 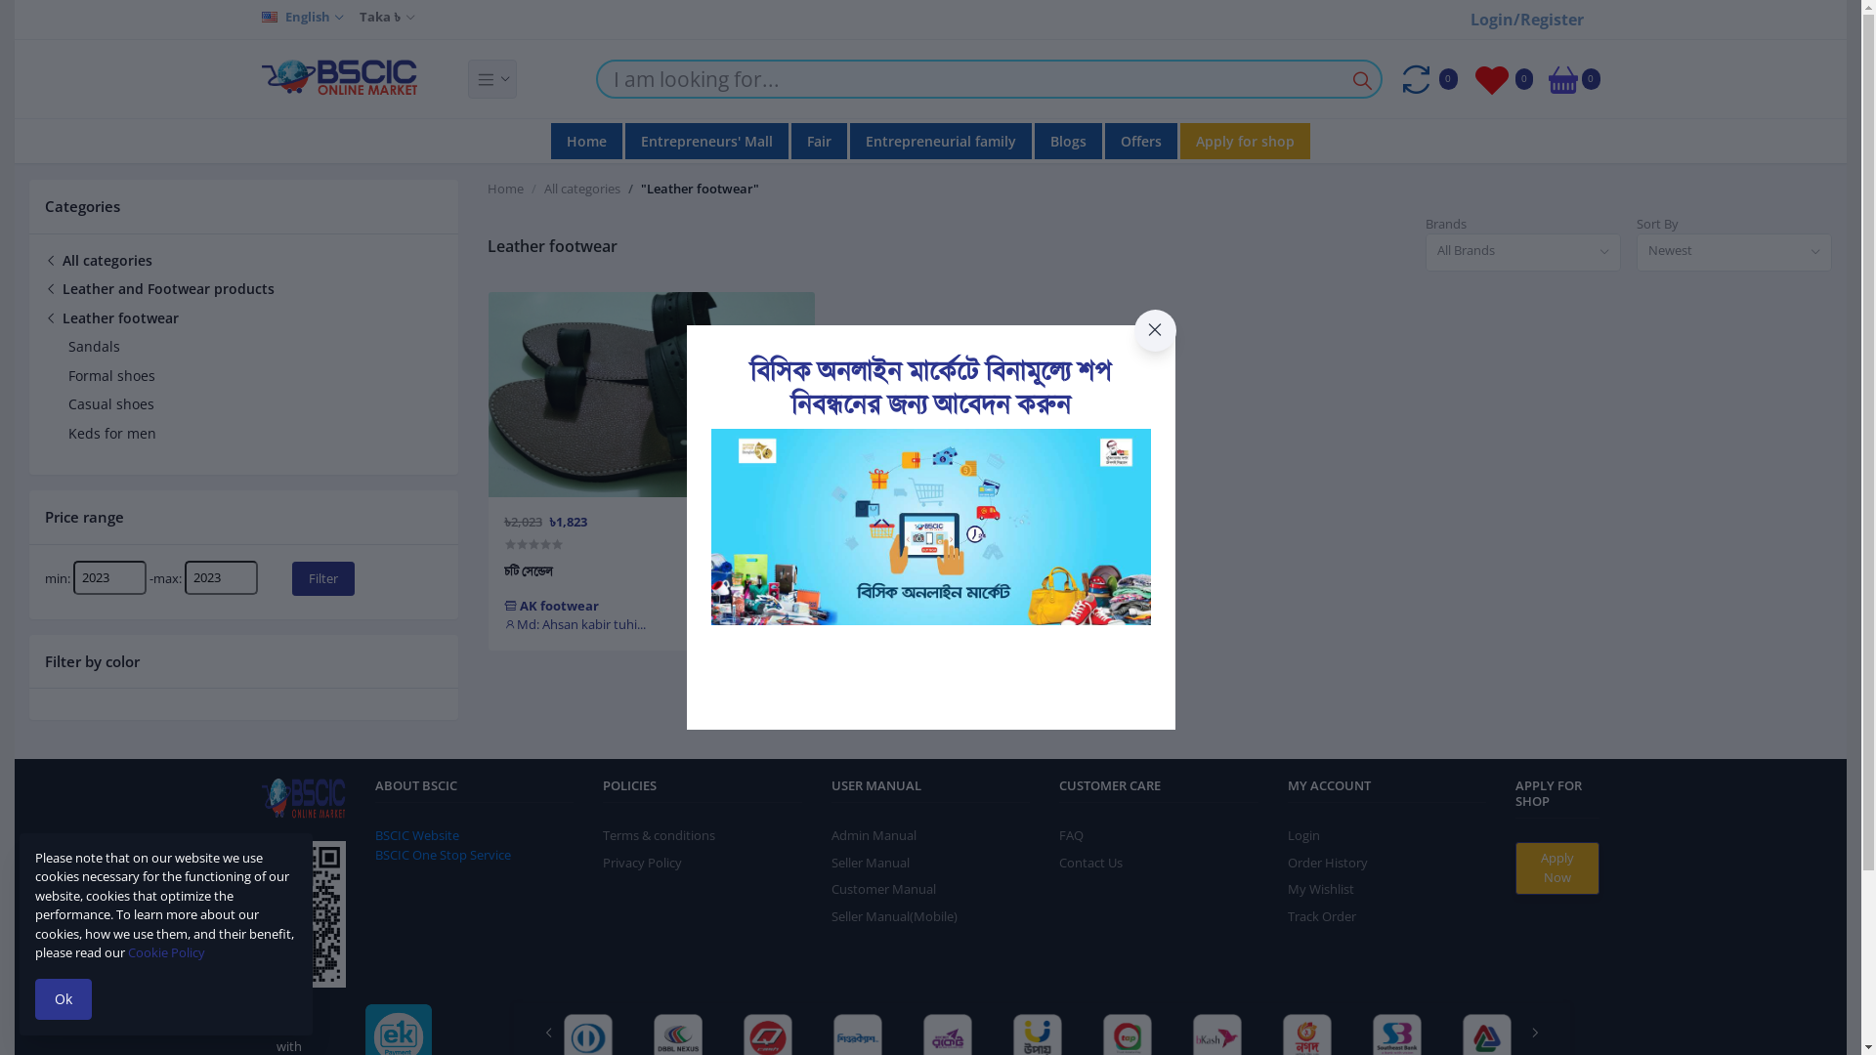 I want to click on 'Apply for shop', so click(x=1244, y=140).